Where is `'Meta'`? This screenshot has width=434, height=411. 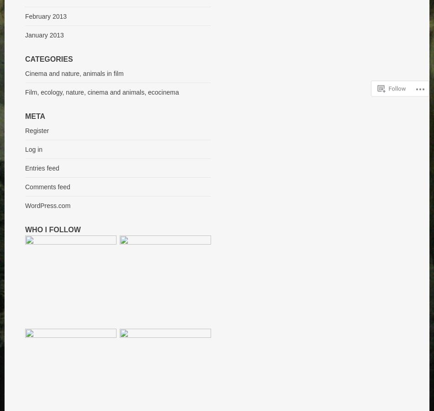 'Meta' is located at coordinates (25, 116).